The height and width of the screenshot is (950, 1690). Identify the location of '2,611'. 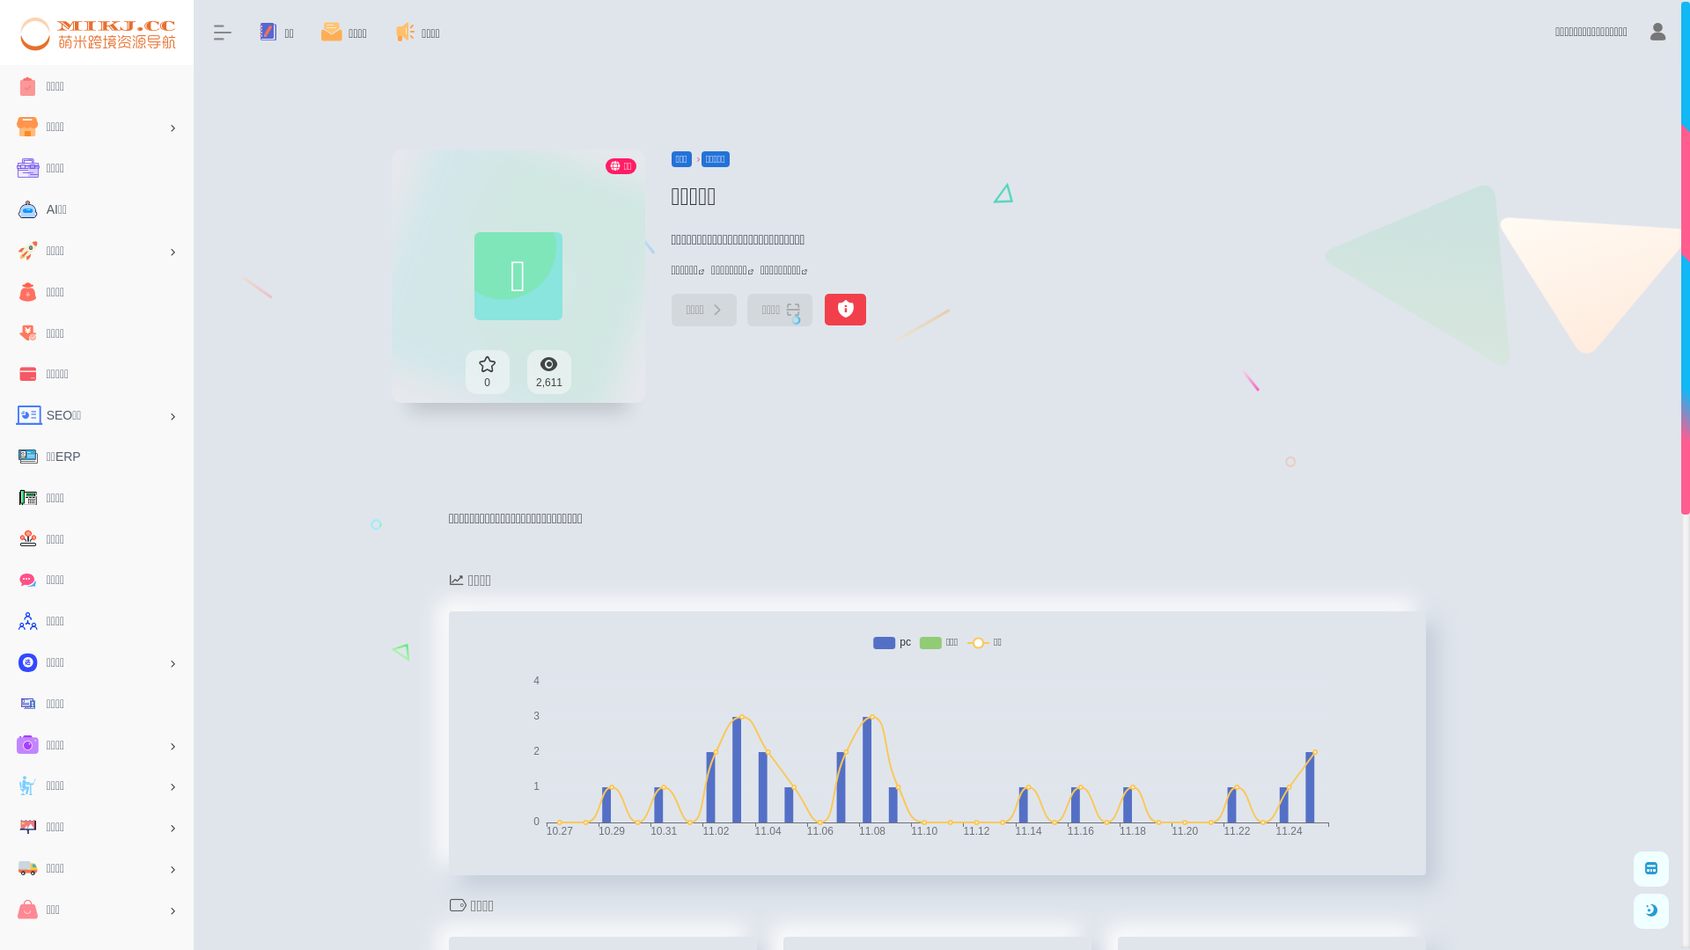
(548, 371).